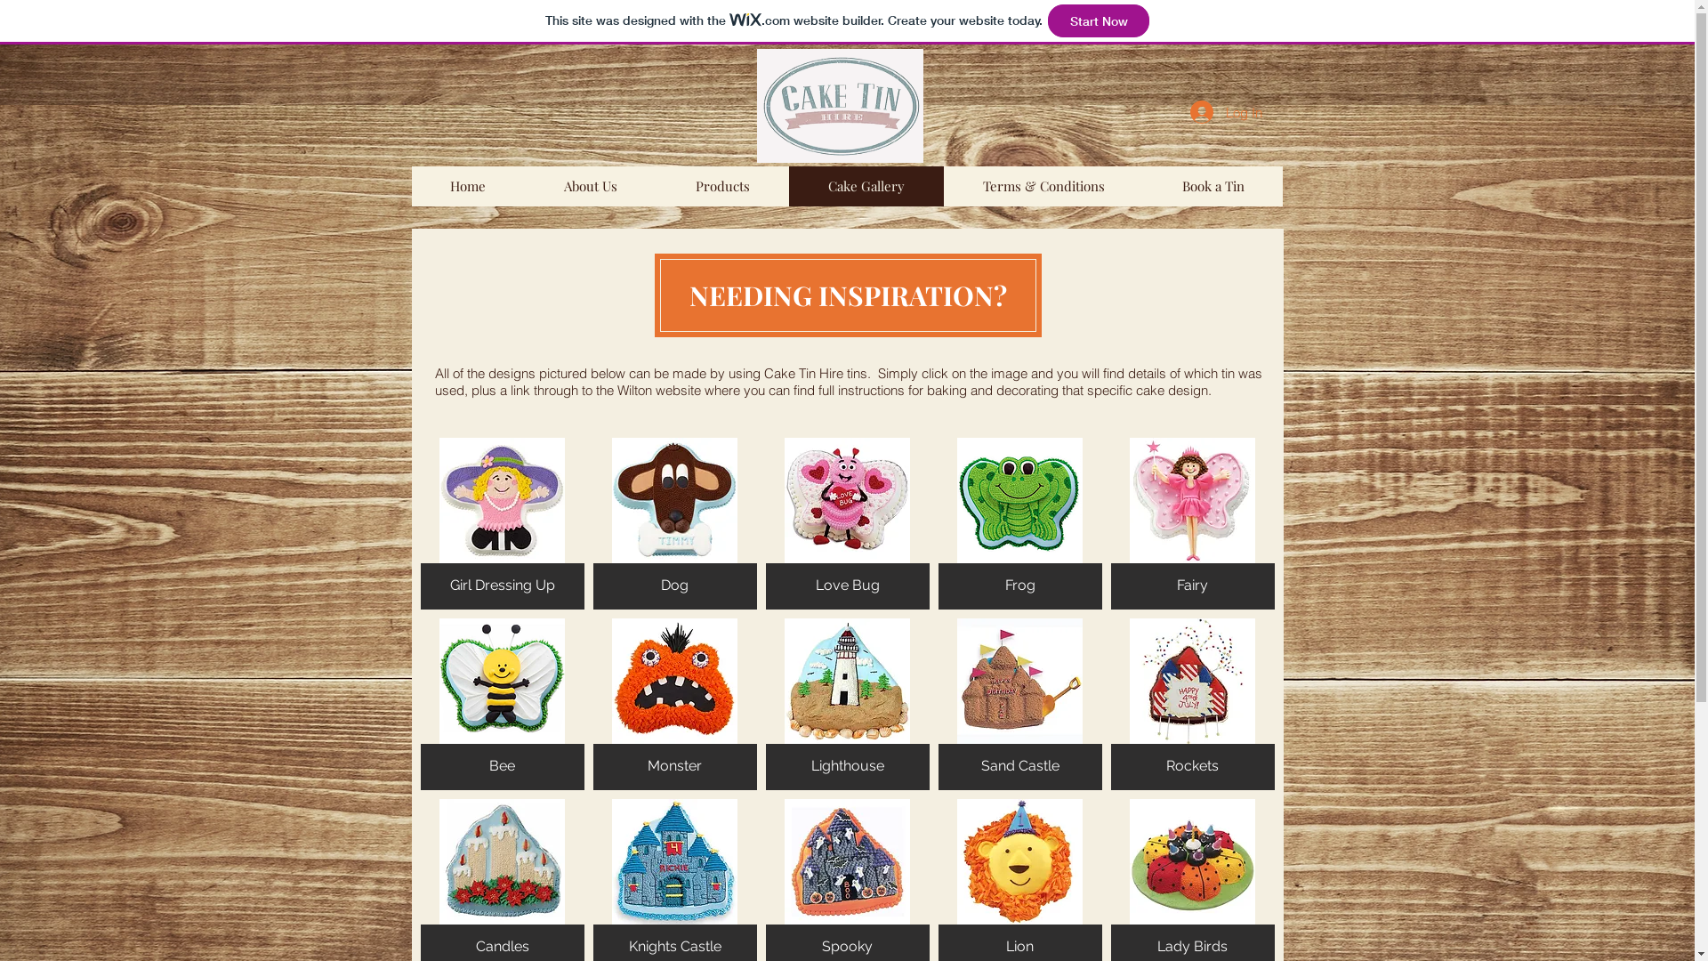  I want to click on 'Terms & Conditions', so click(1042, 186).